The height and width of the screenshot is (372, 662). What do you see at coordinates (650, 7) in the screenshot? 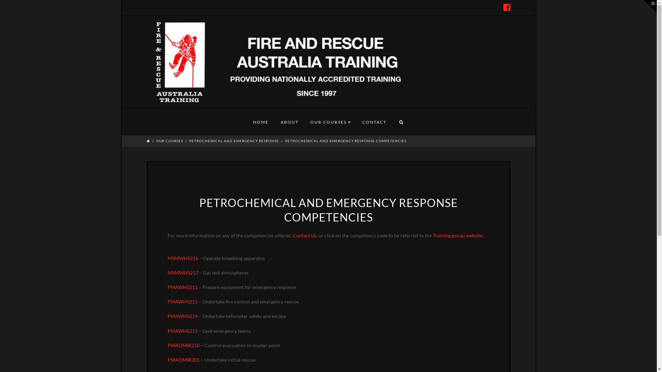
I see `'Toggle the Widgetbar'` at bounding box center [650, 7].